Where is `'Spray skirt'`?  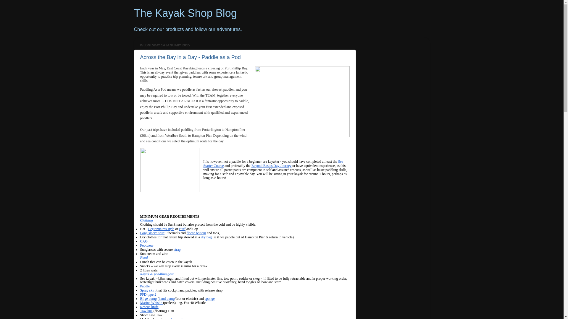 'Spray skirt' is located at coordinates (148, 290).